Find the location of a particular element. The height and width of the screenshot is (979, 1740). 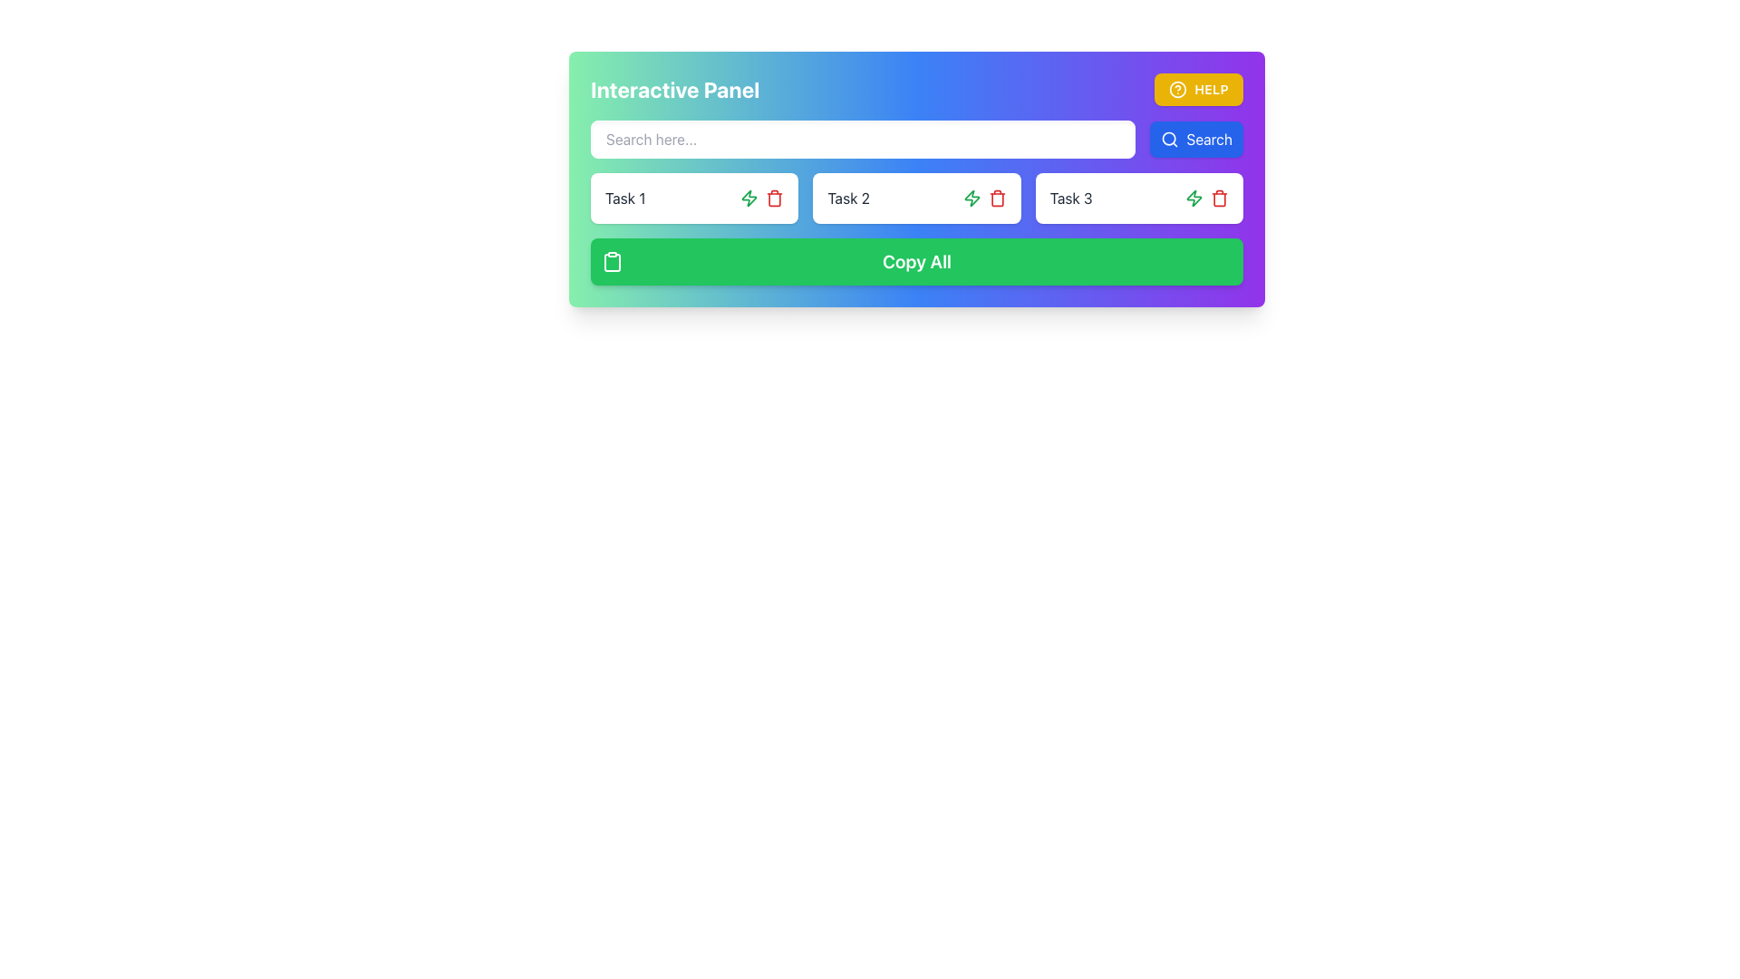

the clipboard icon located within the green 'Copy All' button at the bottom of the interface is located at coordinates (613, 262).